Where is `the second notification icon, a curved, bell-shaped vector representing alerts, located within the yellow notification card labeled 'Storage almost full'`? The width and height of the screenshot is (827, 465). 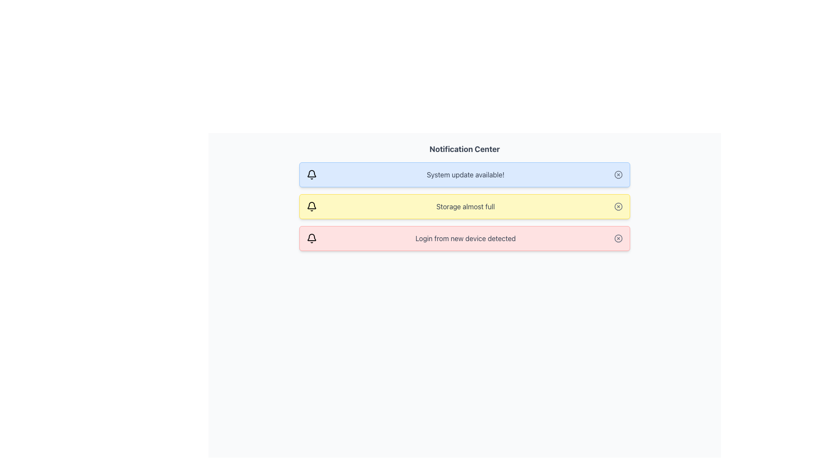 the second notification icon, a curved, bell-shaped vector representing alerts, located within the yellow notification card labeled 'Storage almost full' is located at coordinates (311, 205).